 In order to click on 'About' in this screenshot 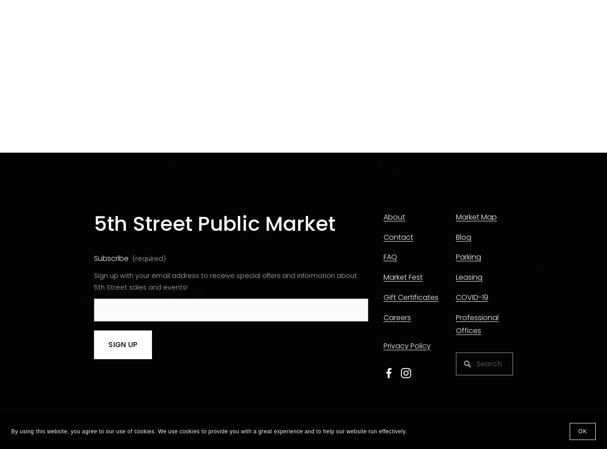, I will do `click(394, 216)`.